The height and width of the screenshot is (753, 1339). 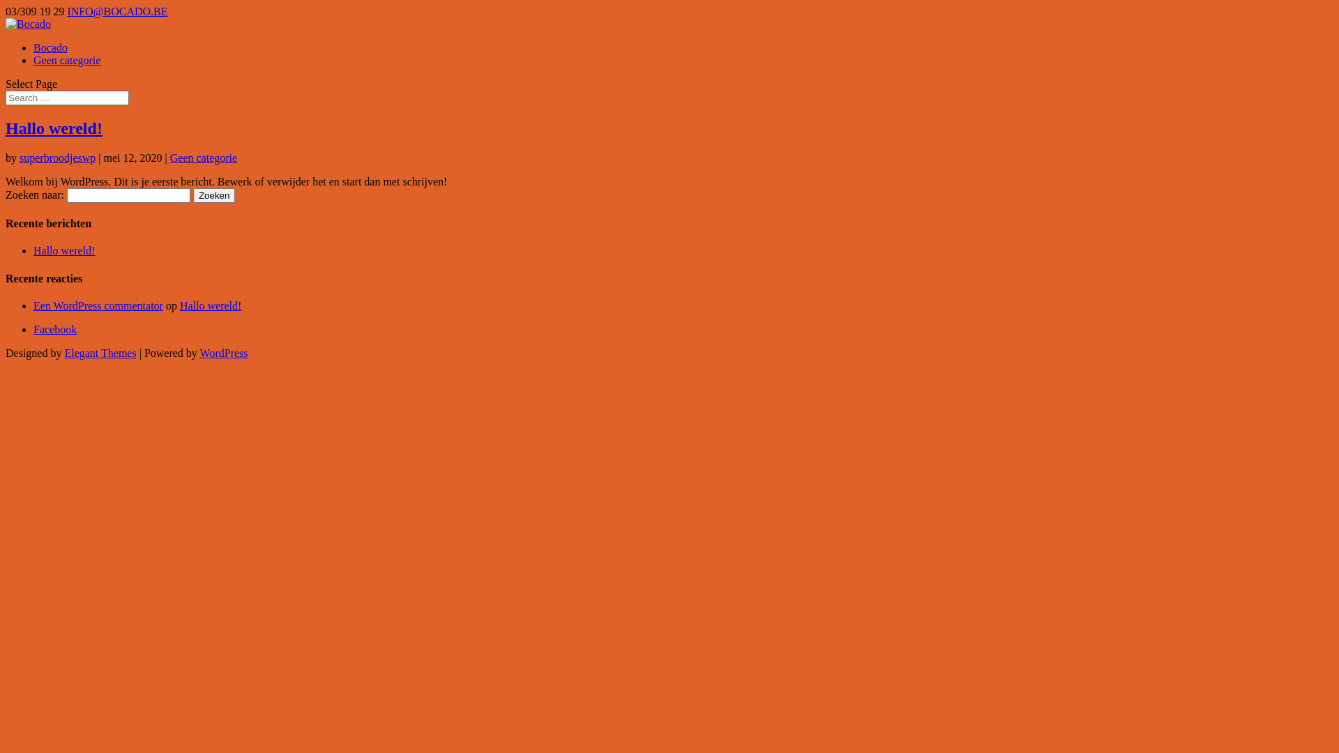 What do you see at coordinates (117, 11) in the screenshot?
I see `'INFO@BOCADO.BE'` at bounding box center [117, 11].